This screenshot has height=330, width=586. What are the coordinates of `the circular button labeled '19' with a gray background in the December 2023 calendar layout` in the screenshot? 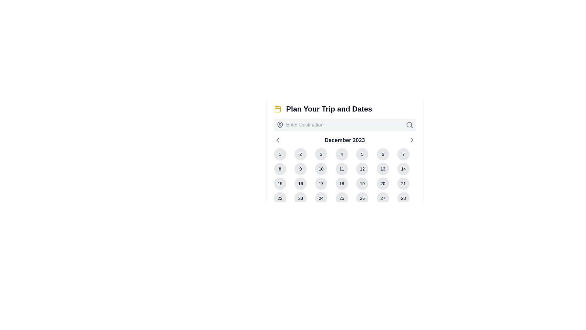 It's located at (362, 183).